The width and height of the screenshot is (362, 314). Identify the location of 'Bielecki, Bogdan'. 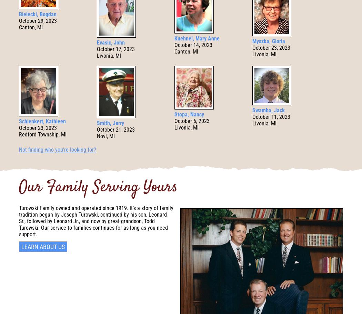
(38, 14).